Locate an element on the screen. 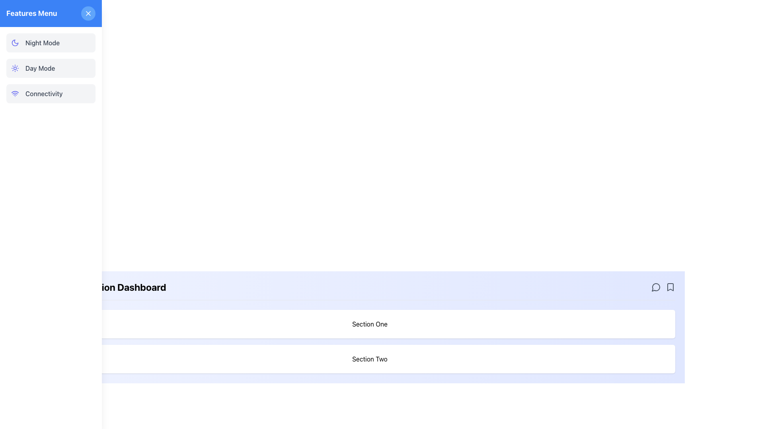 This screenshot has height=429, width=764. the design of the 'Night Mode' icon located in the sidebar menu, which is visually distinct with its indigo color and positioned before the text 'Night Mode' is located at coordinates (15, 43).